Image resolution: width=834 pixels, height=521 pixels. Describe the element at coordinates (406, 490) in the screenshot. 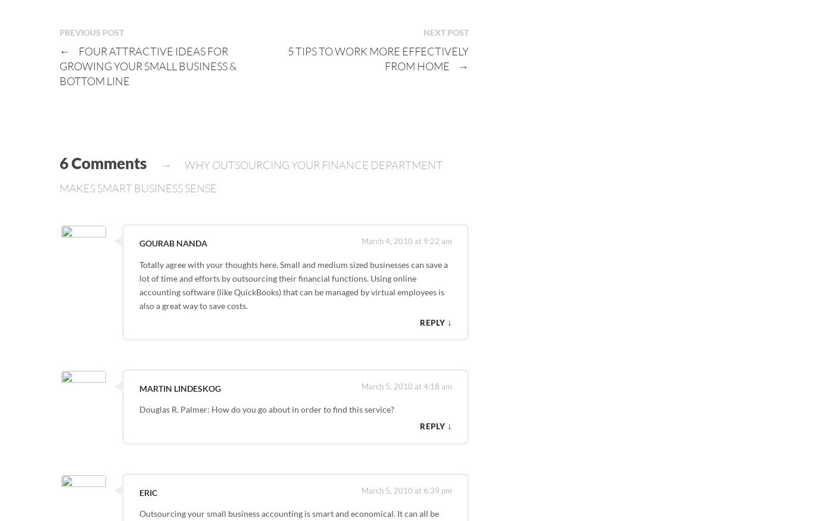

I see `'March 5, 2010 at 6:39 pm'` at that location.